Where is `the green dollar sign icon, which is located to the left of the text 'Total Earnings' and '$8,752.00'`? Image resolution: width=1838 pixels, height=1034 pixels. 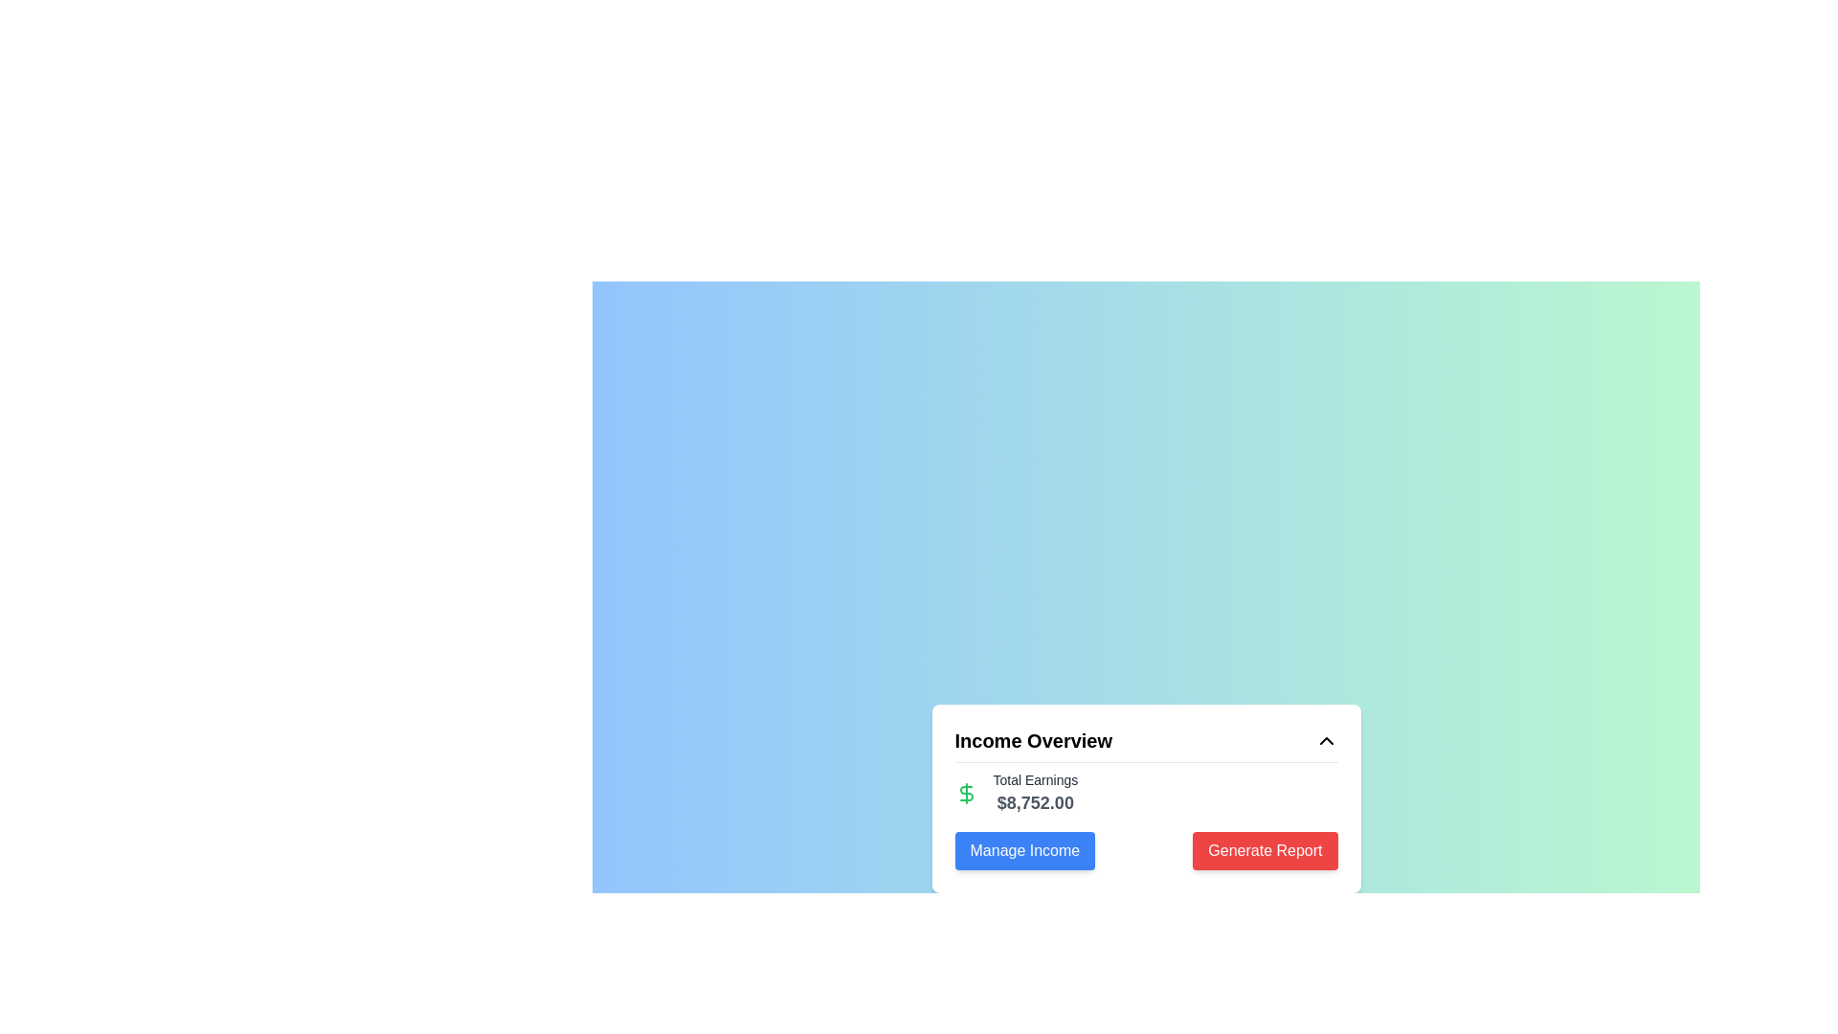
the green dollar sign icon, which is located to the left of the text 'Total Earnings' and '$8,752.00' is located at coordinates (966, 793).